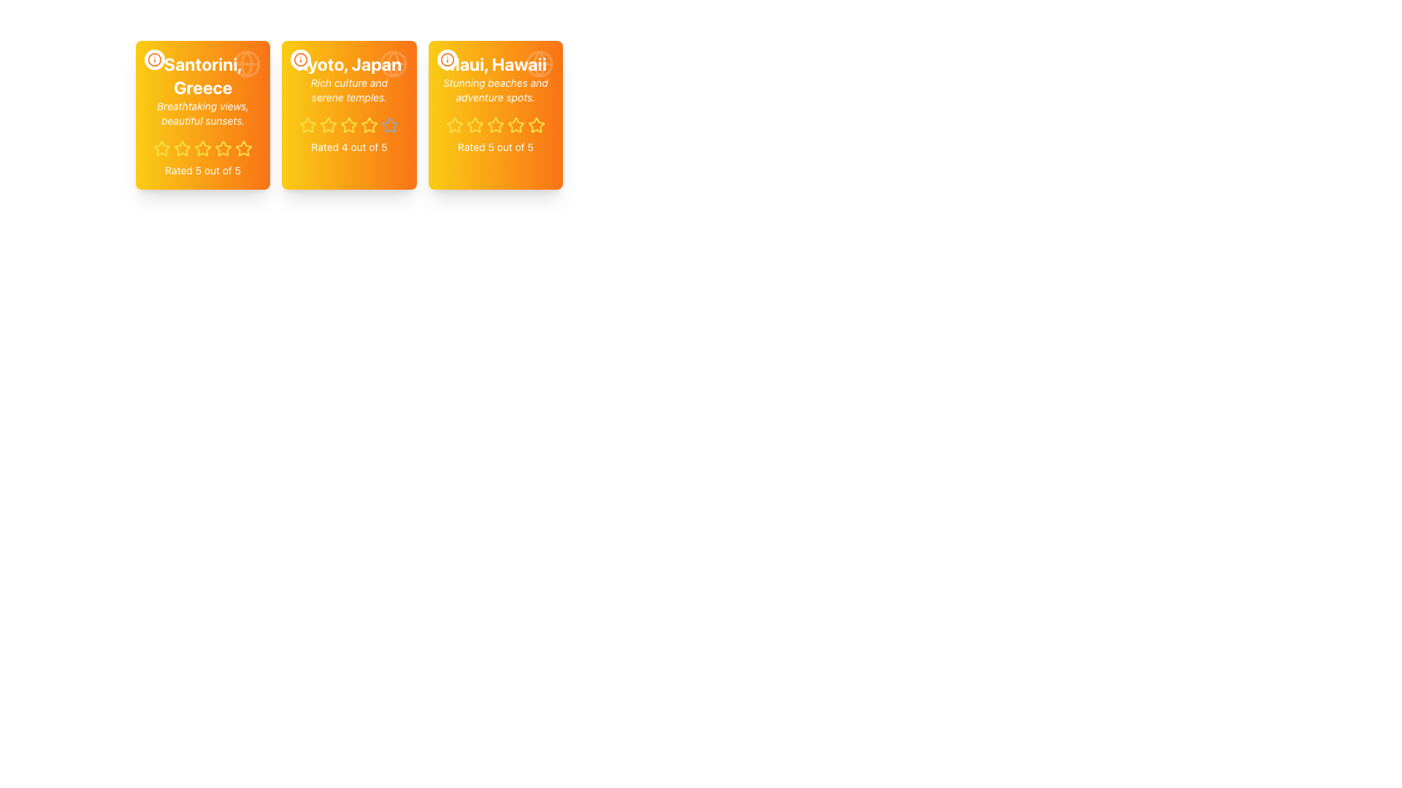 The image size is (1402, 788). I want to click on across the five rating star icons starting from the first star (yellow star) below the text 'Santorini, Greece', so click(256, 148).